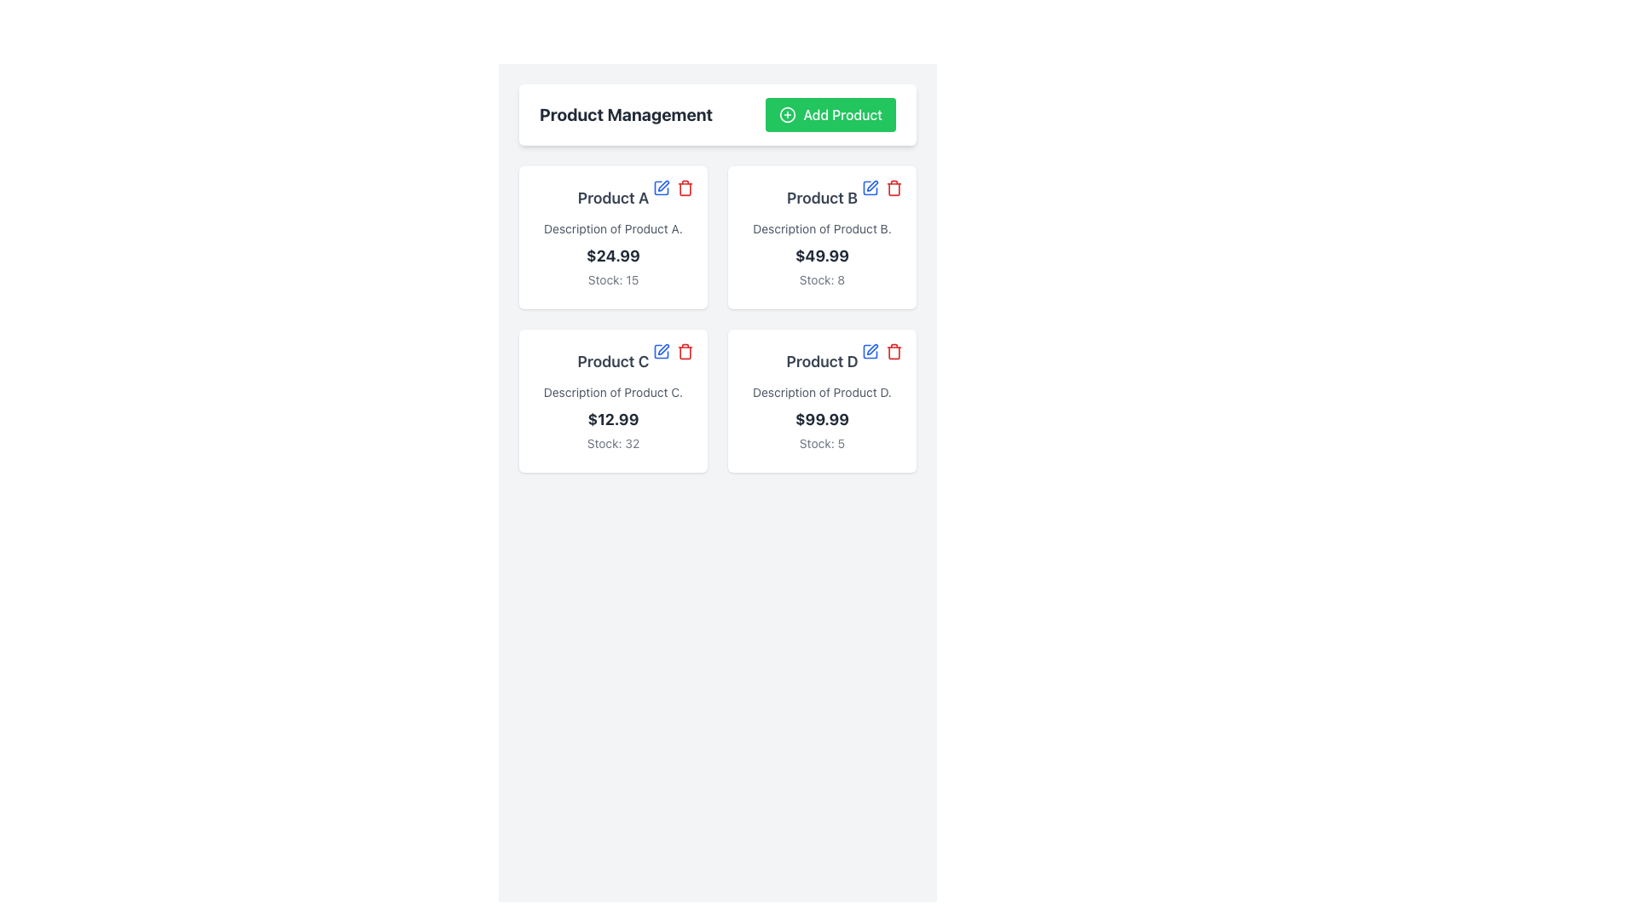 Image resolution: width=1637 pixels, height=920 pixels. Describe the element at coordinates (787, 115) in the screenshot. I see `the icon within the 'Add Product' button located to the right of the 'Product Management' heading at the top section of the interface` at that location.